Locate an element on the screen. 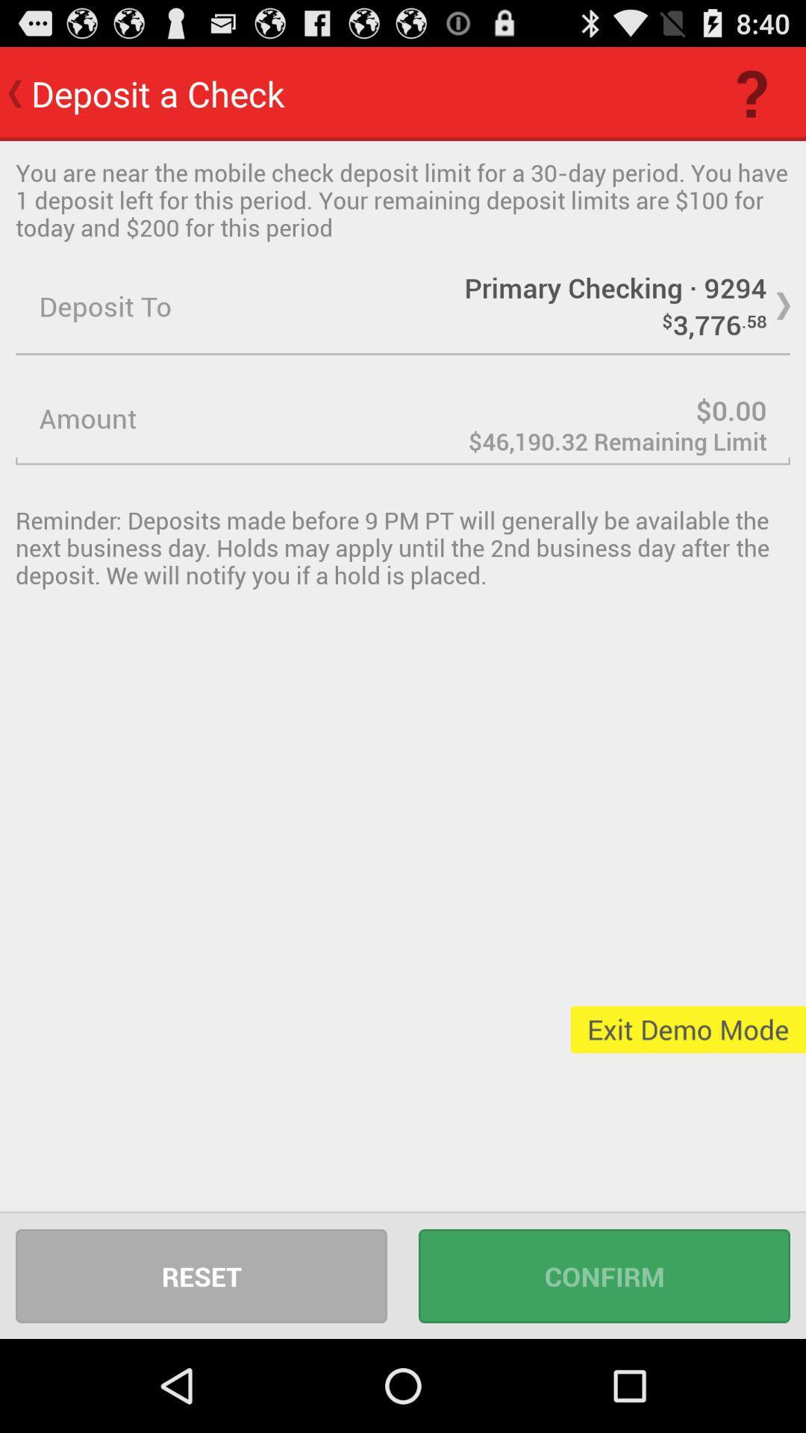 This screenshot has width=806, height=1433. confirm is located at coordinates (604, 1275).